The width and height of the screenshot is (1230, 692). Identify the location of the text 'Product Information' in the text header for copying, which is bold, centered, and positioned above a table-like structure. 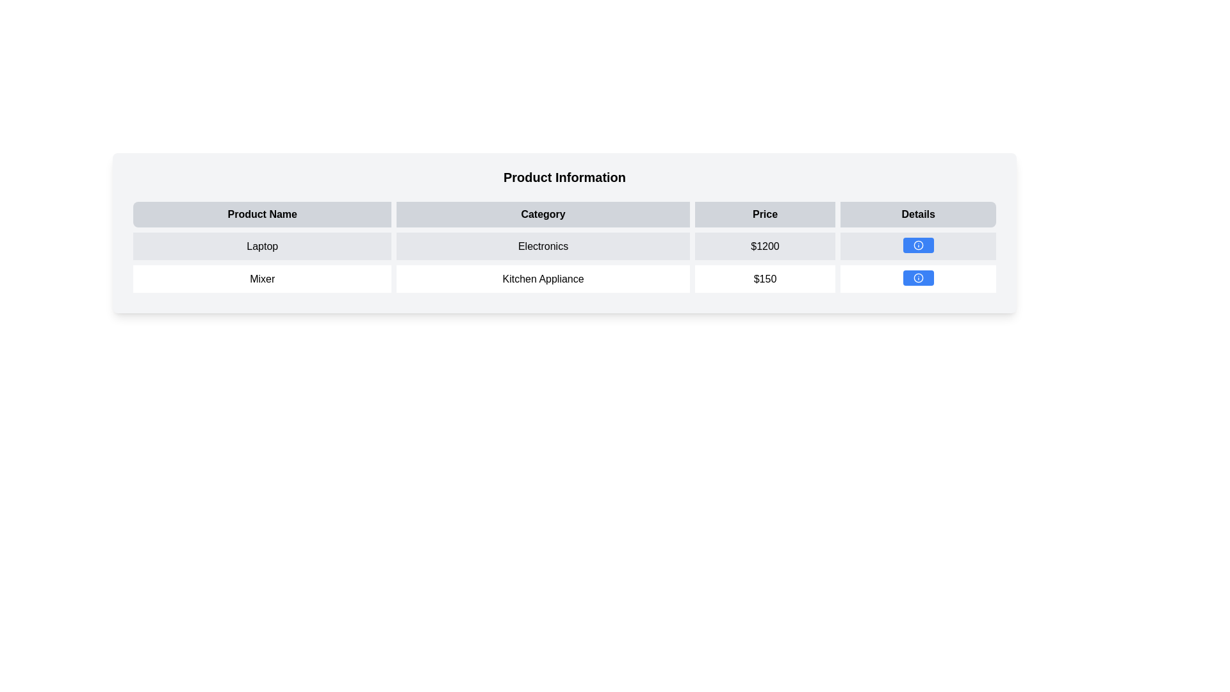
(564, 177).